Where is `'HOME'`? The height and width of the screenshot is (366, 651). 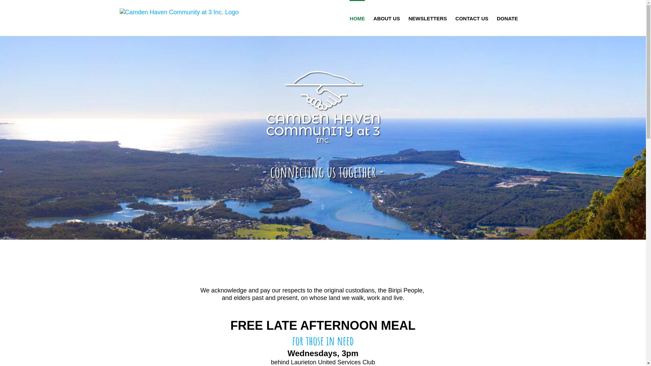
'HOME' is located at coordinates (357, 18).